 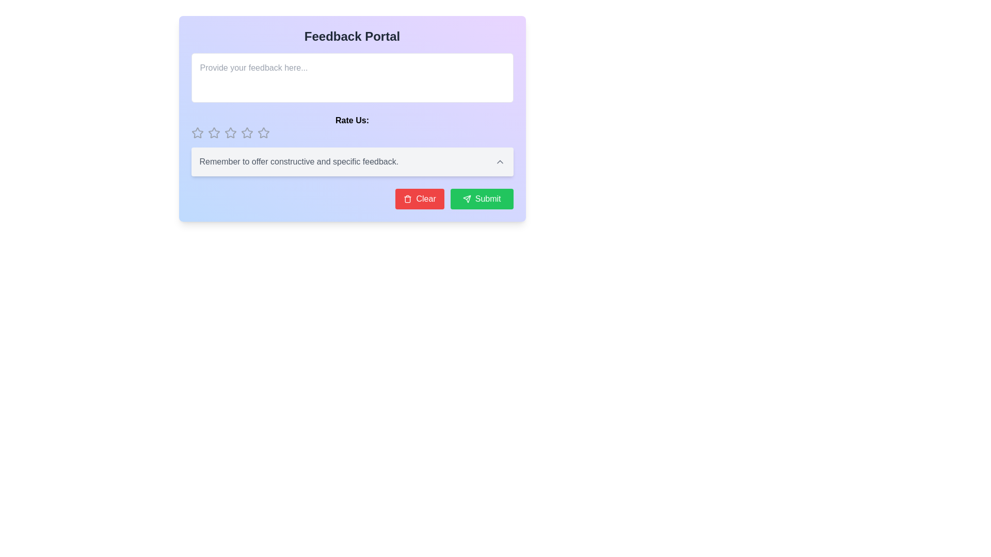 What do you see at coordinates (500, 161) in the screenshot?
I see `the button or icon located to the right of the text label 'Remember to offer constructive and specific feedback.'` at bounding box center [500, 161].